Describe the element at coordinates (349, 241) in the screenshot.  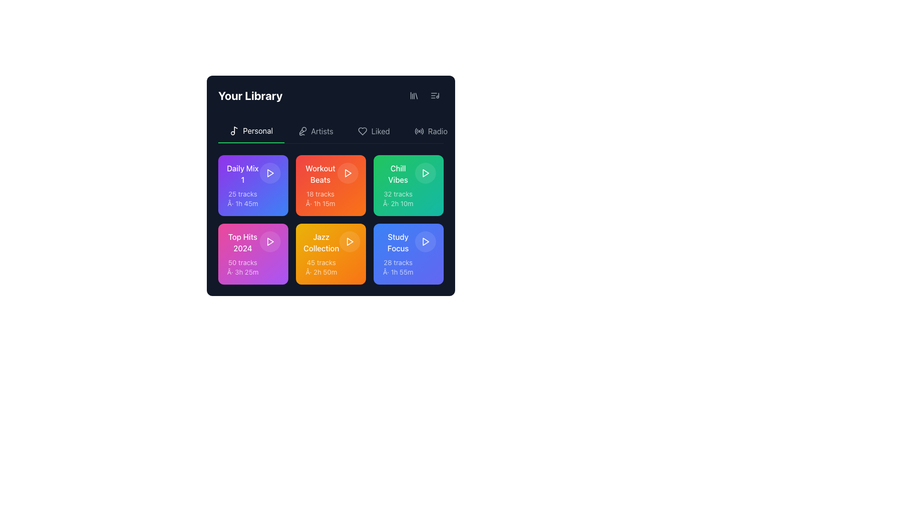
I see `the play button icon located in the top-right corner of the 'Jazz Collection' box, which is the fifth play button in a grid layout, to change its appearance` at that location.